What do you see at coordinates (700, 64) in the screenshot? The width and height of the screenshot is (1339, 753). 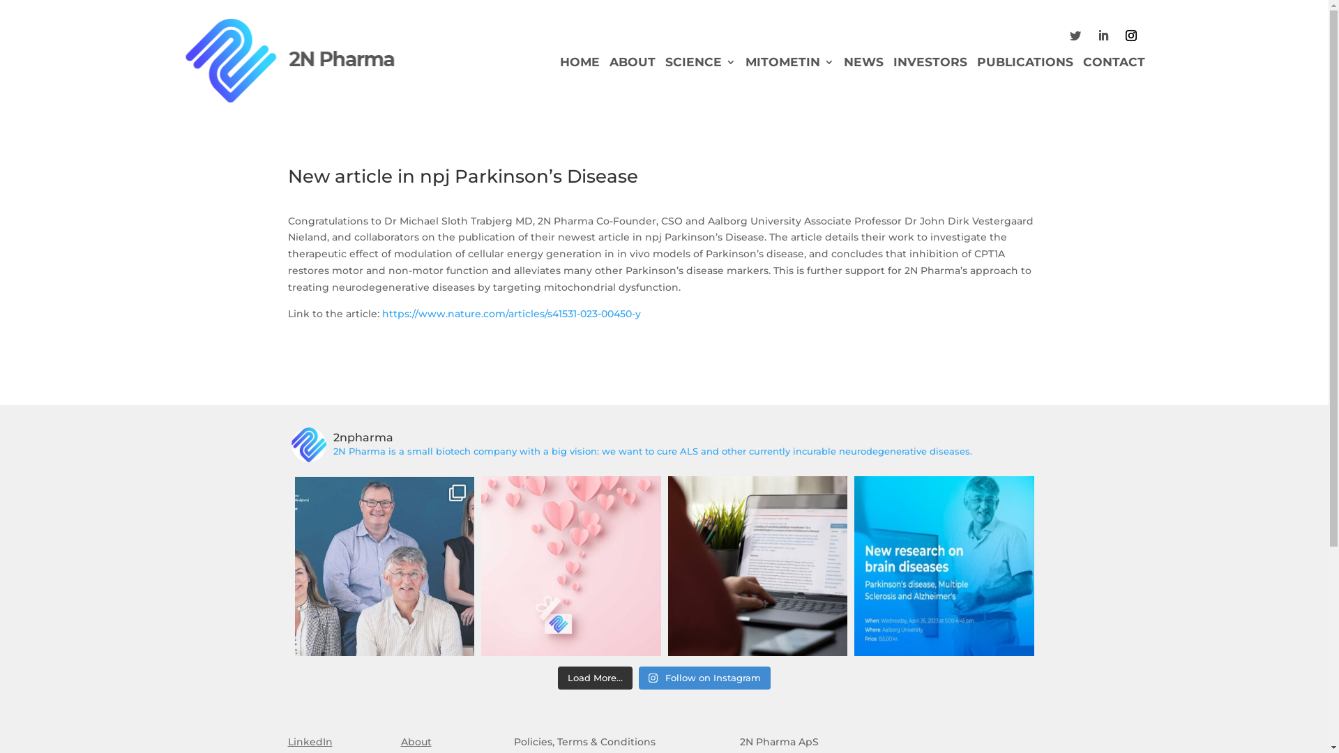 I see `'SCIENCE'` at bounding box center [700, 64].